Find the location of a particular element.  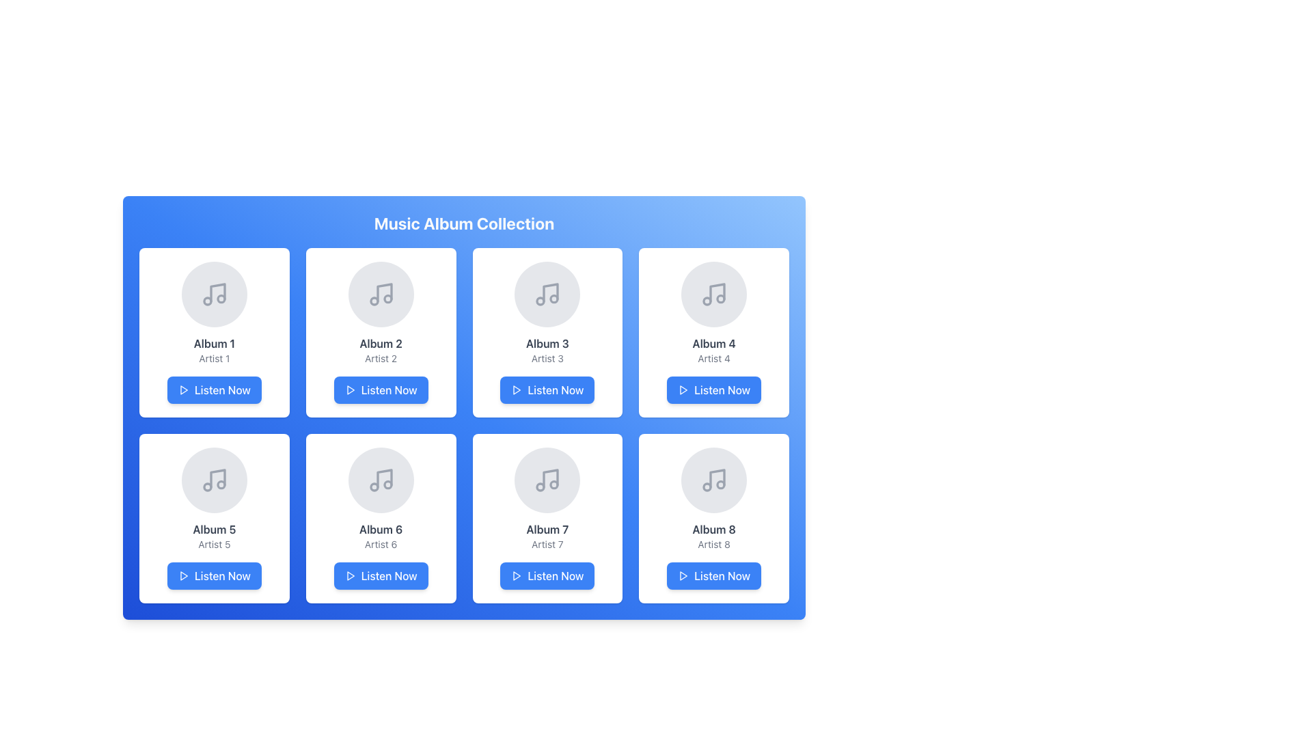

the musical note icon displayed in gray color within the circular light gray background, located in the bottom-right corner of the 'Album 8' card is located at coordinates (713, 479).